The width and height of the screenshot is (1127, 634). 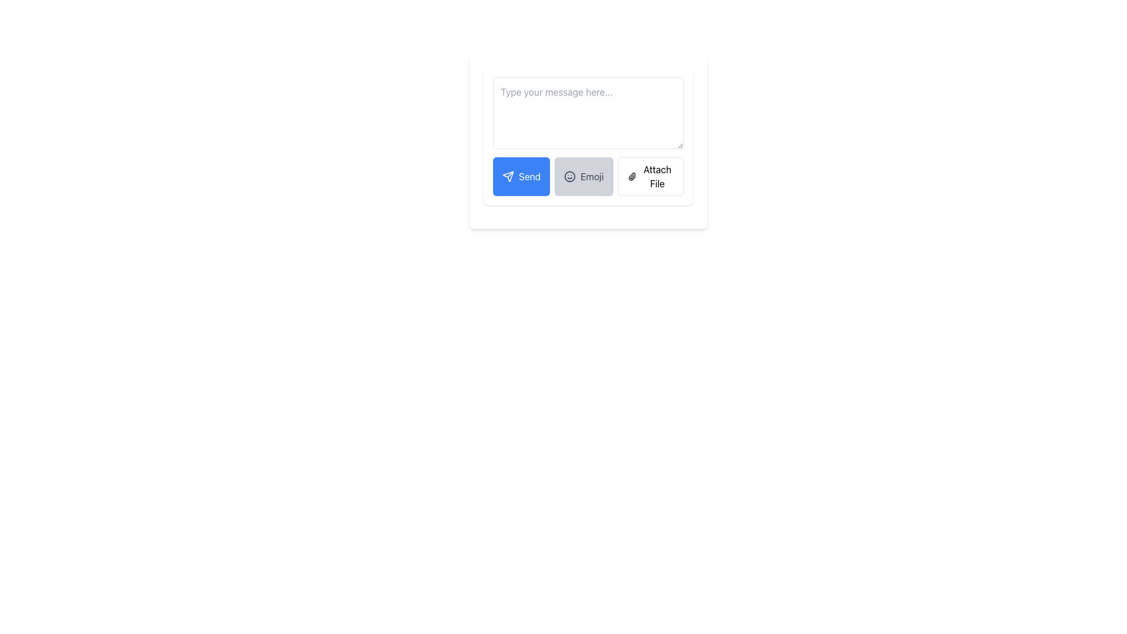 What do you see at coordinates (508, 176) in the screenshot?
I see `the graphical icon shaped like a paper airplane within the 'Send' button` at bounding box center [508, 176].